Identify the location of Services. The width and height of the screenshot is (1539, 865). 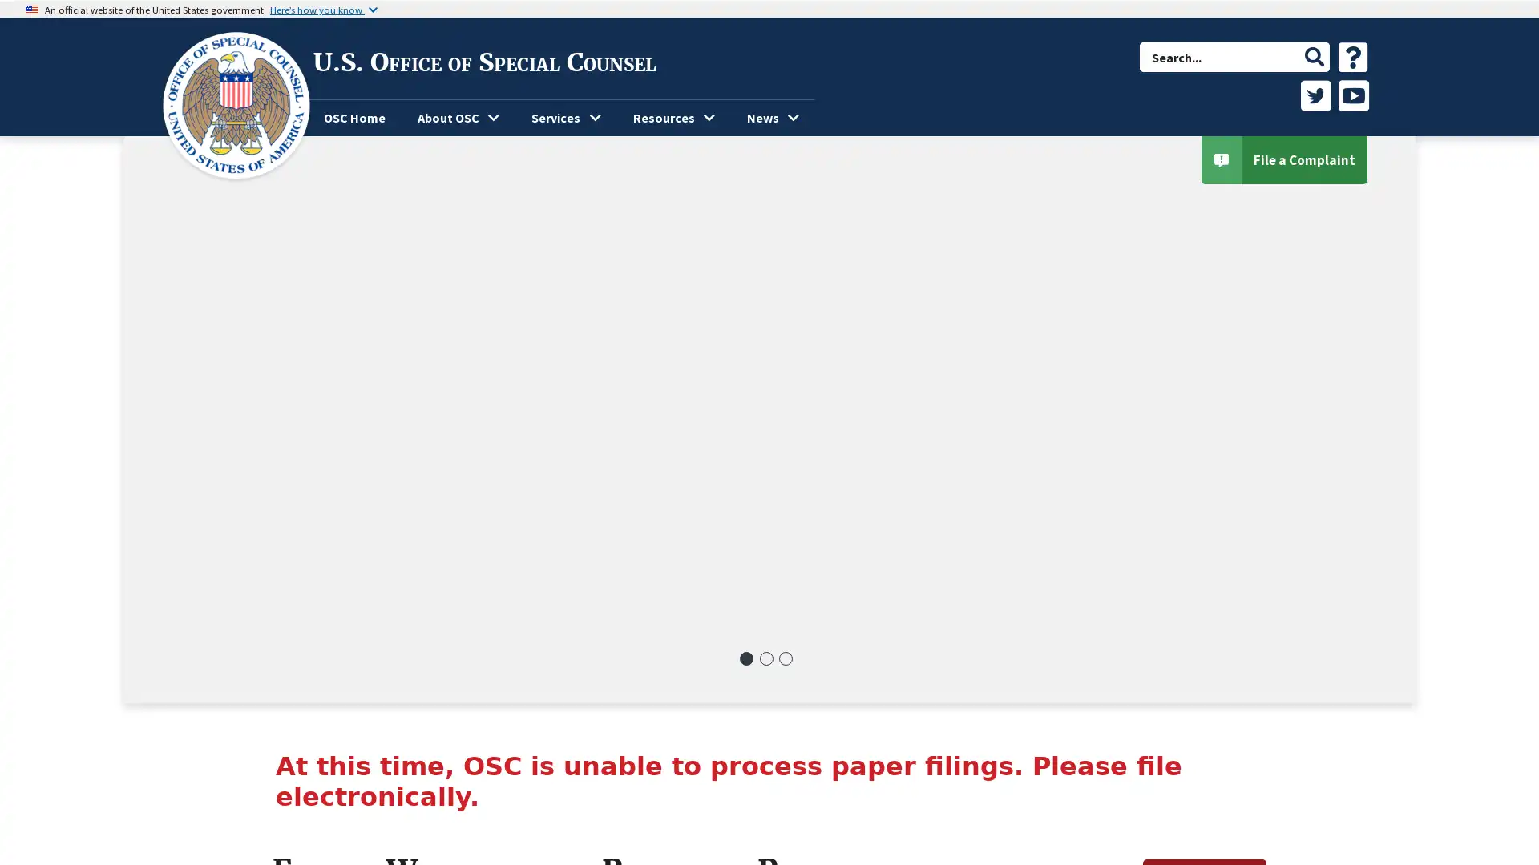
(565, 117).